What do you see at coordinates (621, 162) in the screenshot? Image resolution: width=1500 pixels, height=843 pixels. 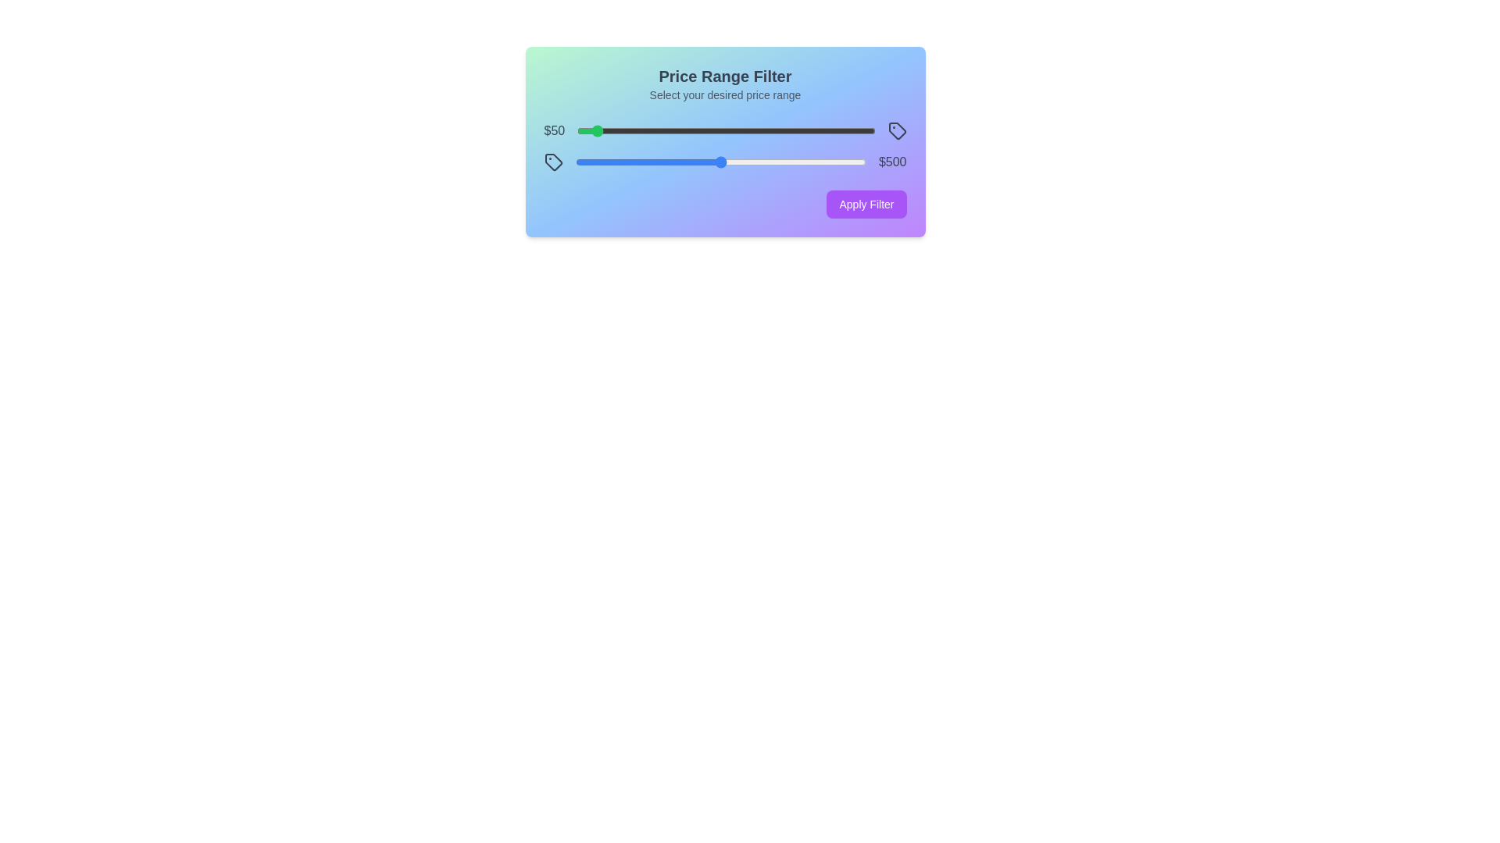 I see `the maximum price slider to 161` at bounding box center [621, 162].